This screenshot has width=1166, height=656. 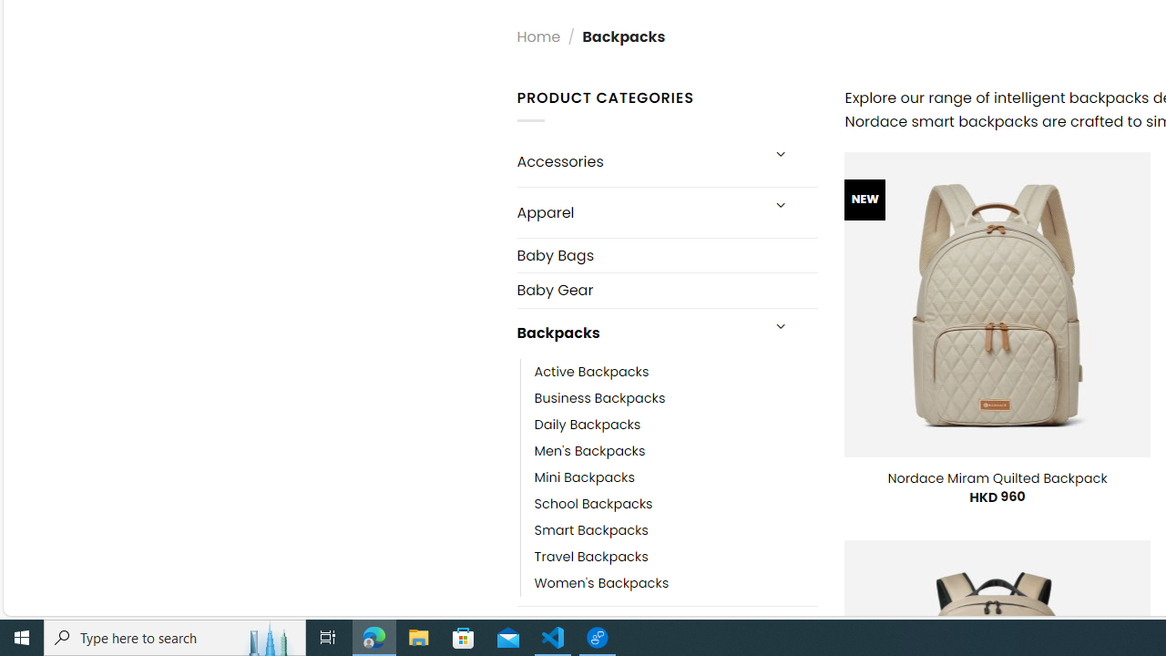 What do you see at coordinates (590, 555) in the screenshot?
I see `'Travel Backpacks'` at bounding box center [590, 555].